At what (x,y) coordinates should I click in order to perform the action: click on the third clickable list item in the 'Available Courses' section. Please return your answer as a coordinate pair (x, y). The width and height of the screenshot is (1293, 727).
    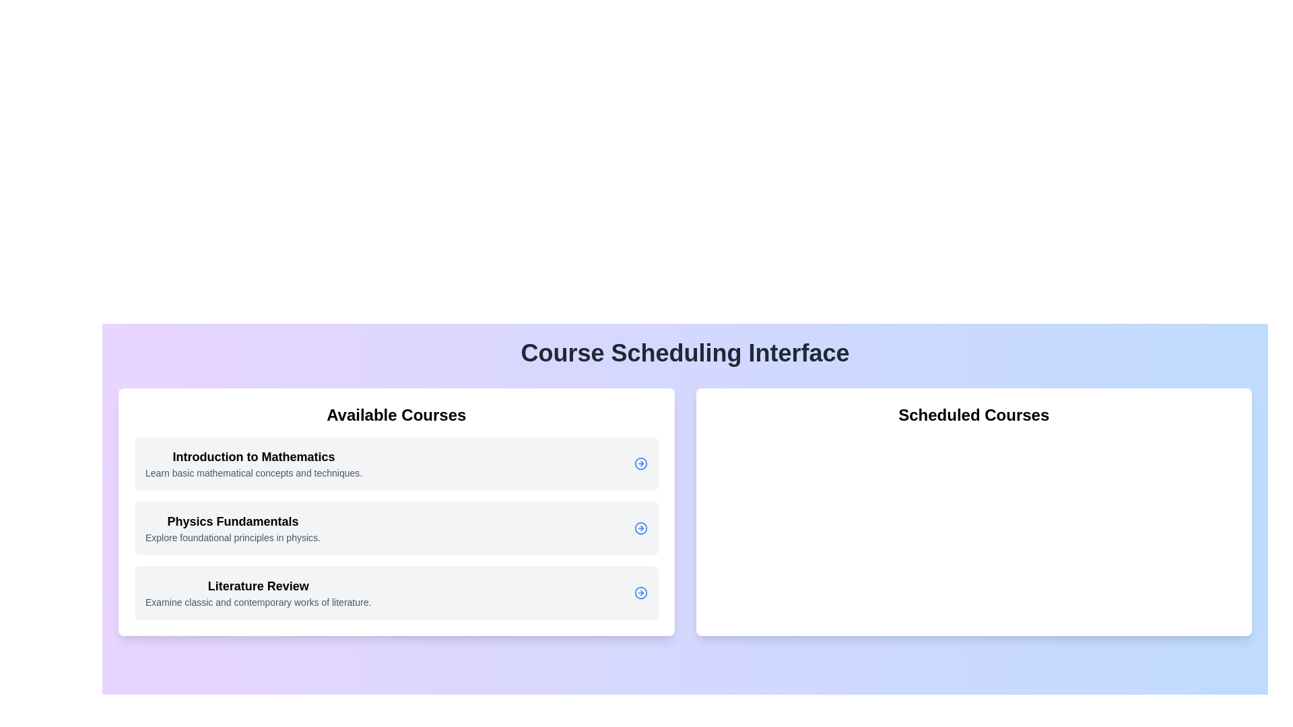
    Looking at the image, I should click on (395, 592).